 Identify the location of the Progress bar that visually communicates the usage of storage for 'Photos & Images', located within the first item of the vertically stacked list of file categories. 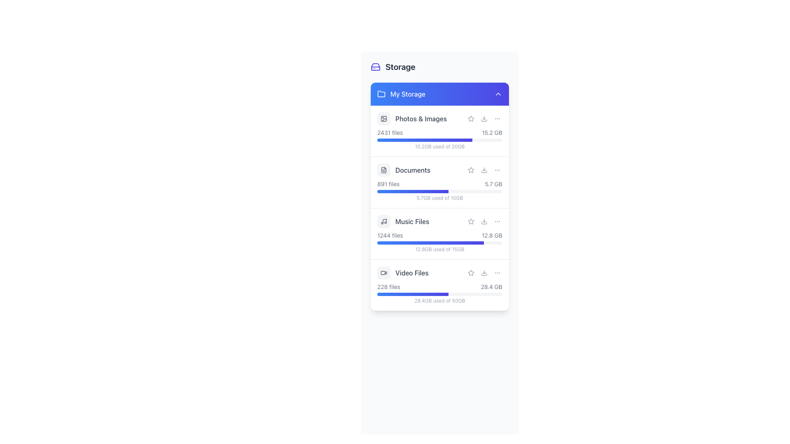
(425, 139).